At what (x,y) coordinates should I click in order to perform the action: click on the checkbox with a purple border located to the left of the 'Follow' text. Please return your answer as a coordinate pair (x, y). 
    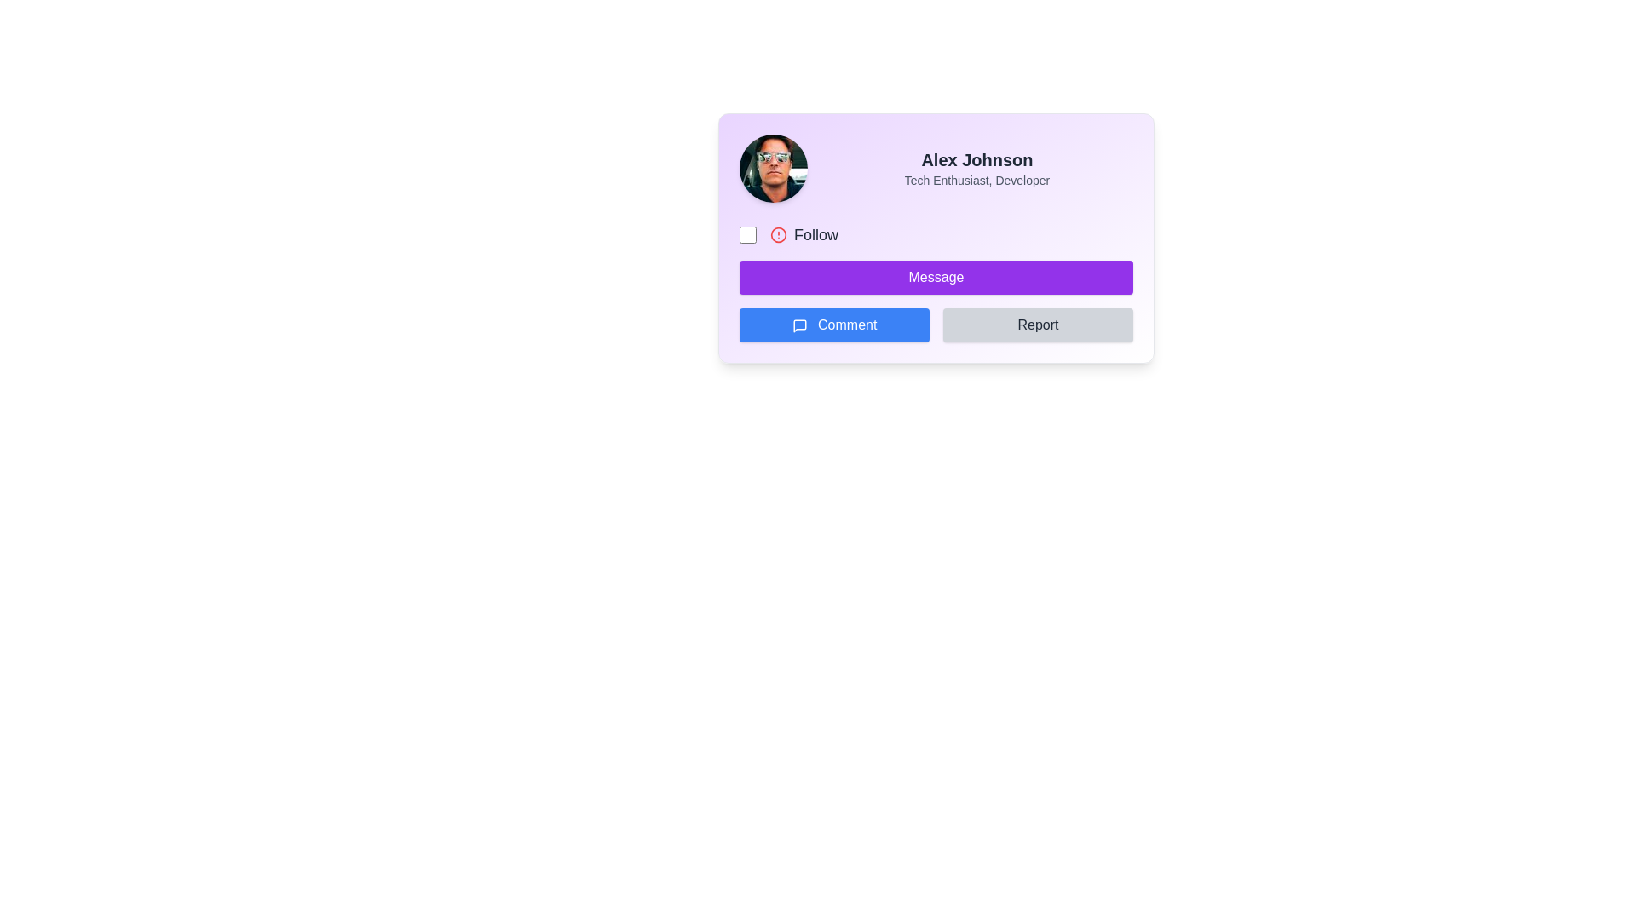
    Looking at the image, I should click on (748, 235).